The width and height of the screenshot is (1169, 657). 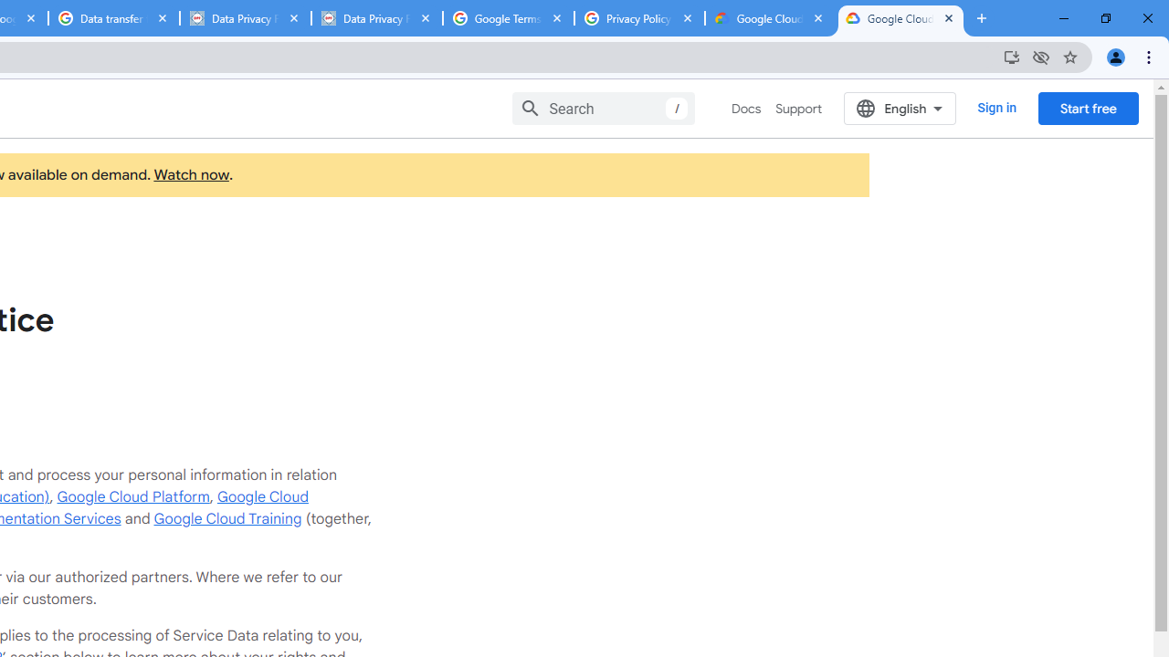 I want to click on 'Start free', so click(x=1088, y=108).